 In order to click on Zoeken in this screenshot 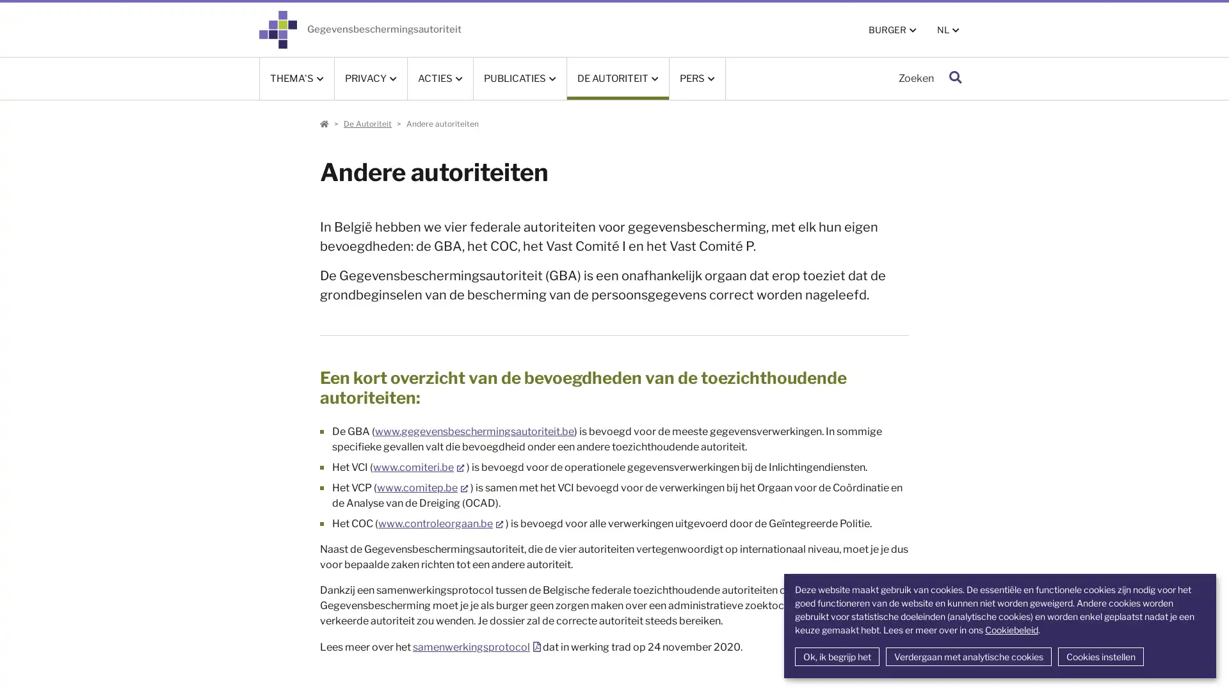, I will do `click(955, 78)`.